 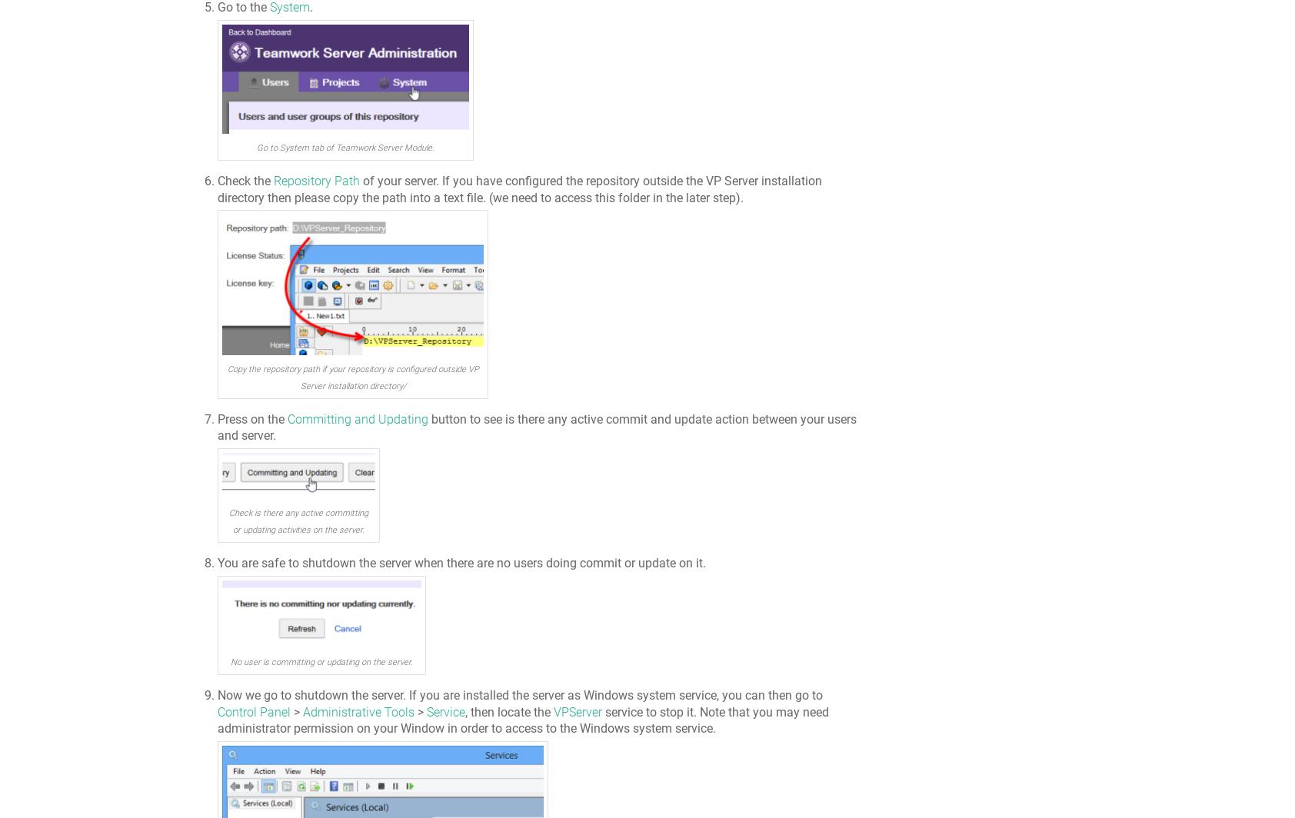 What do you see at coordinates (318, 181) in the screenshot?
I see `'Repository Path'` at bounding box center [318, 181].